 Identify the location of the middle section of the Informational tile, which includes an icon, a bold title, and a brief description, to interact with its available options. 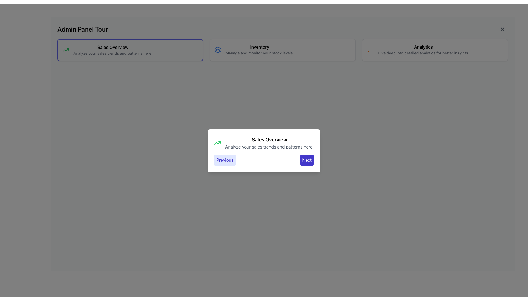
(282, 50).